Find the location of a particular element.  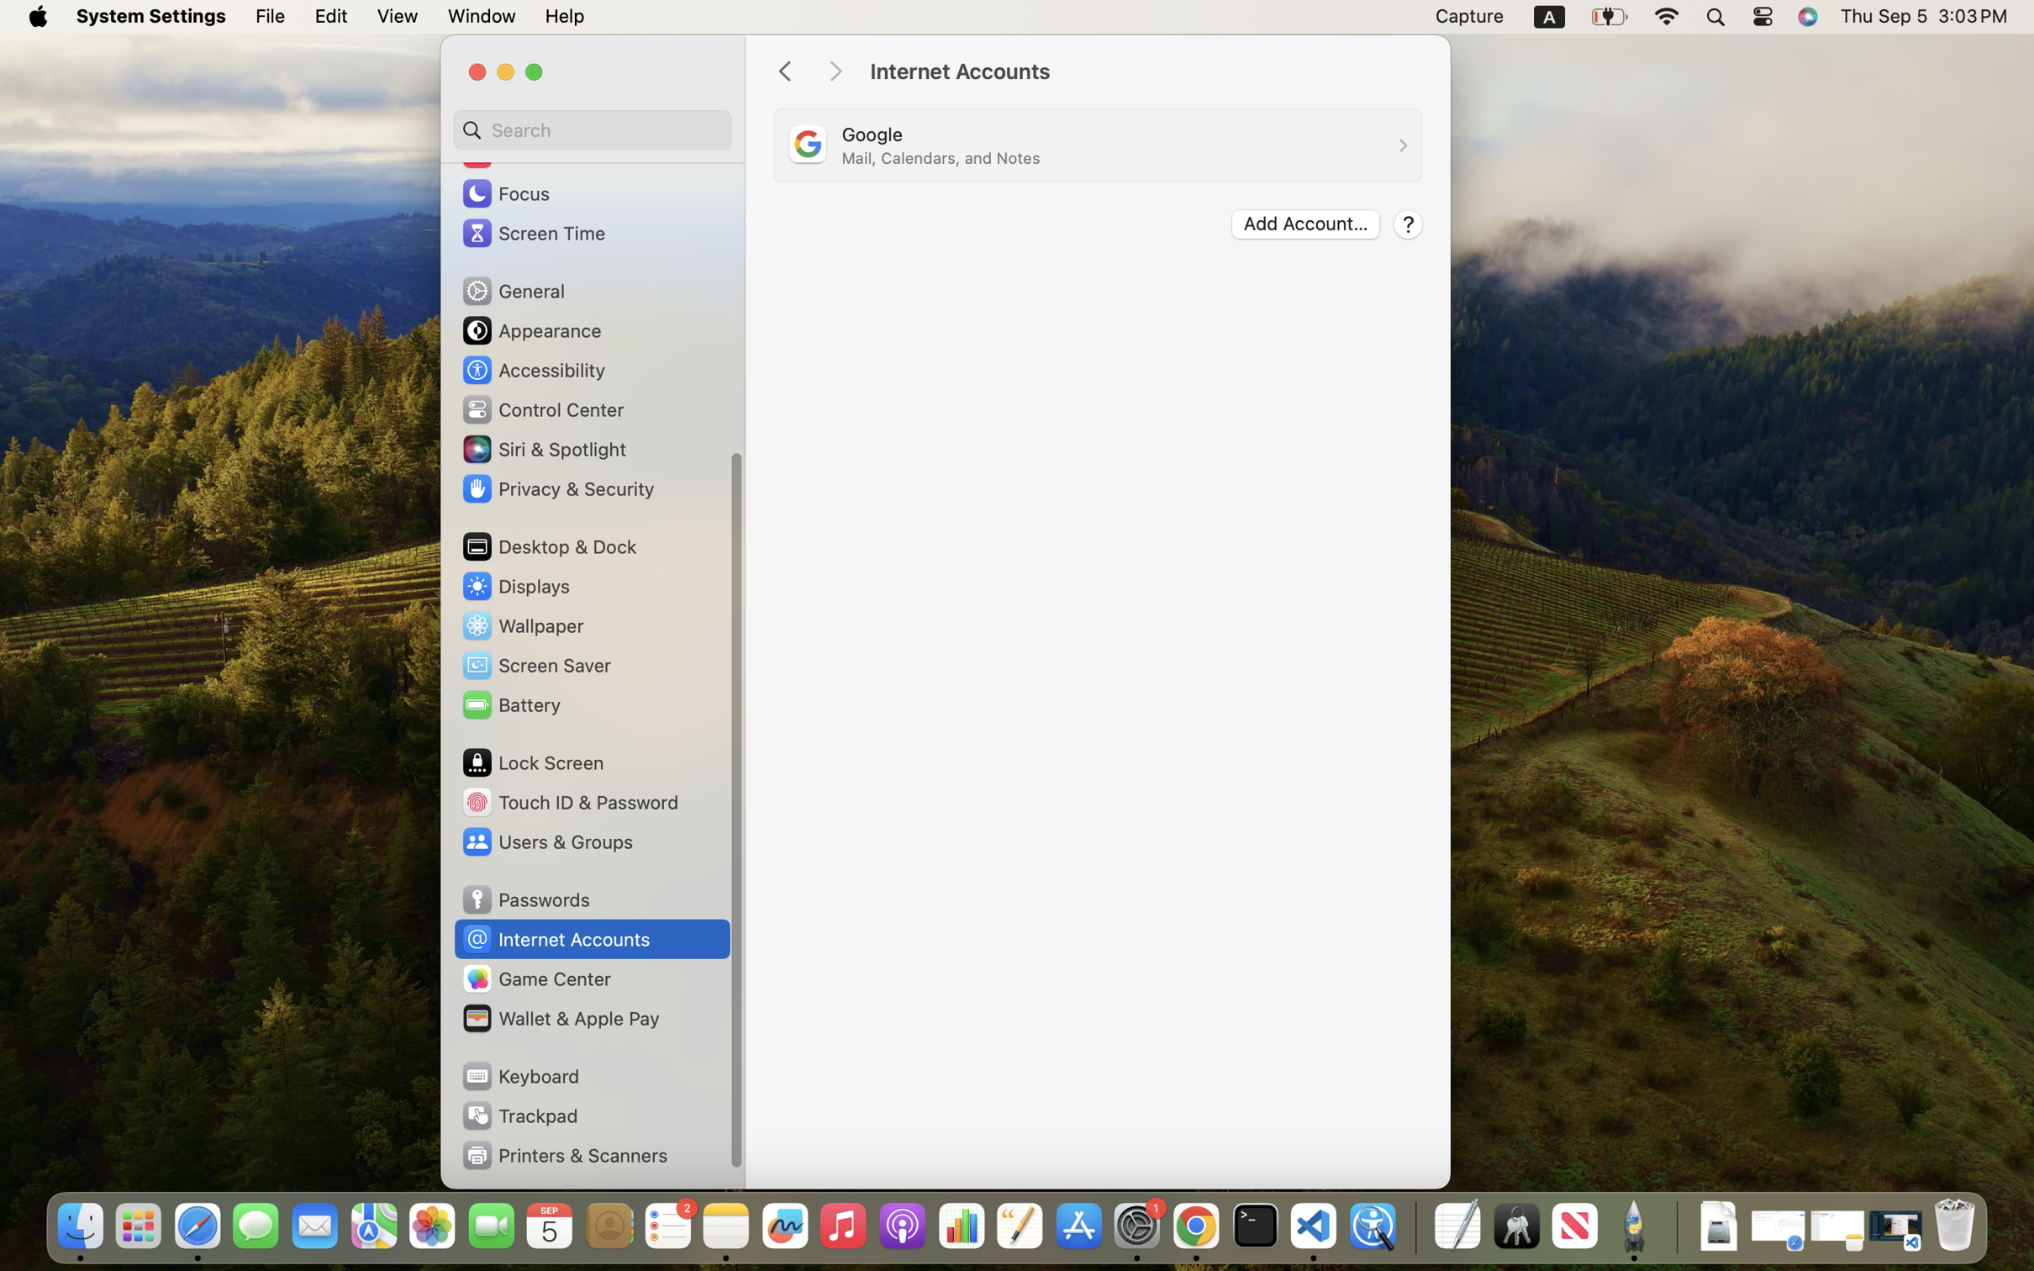

'Users & Groups' is located at coordinates (545, 841).